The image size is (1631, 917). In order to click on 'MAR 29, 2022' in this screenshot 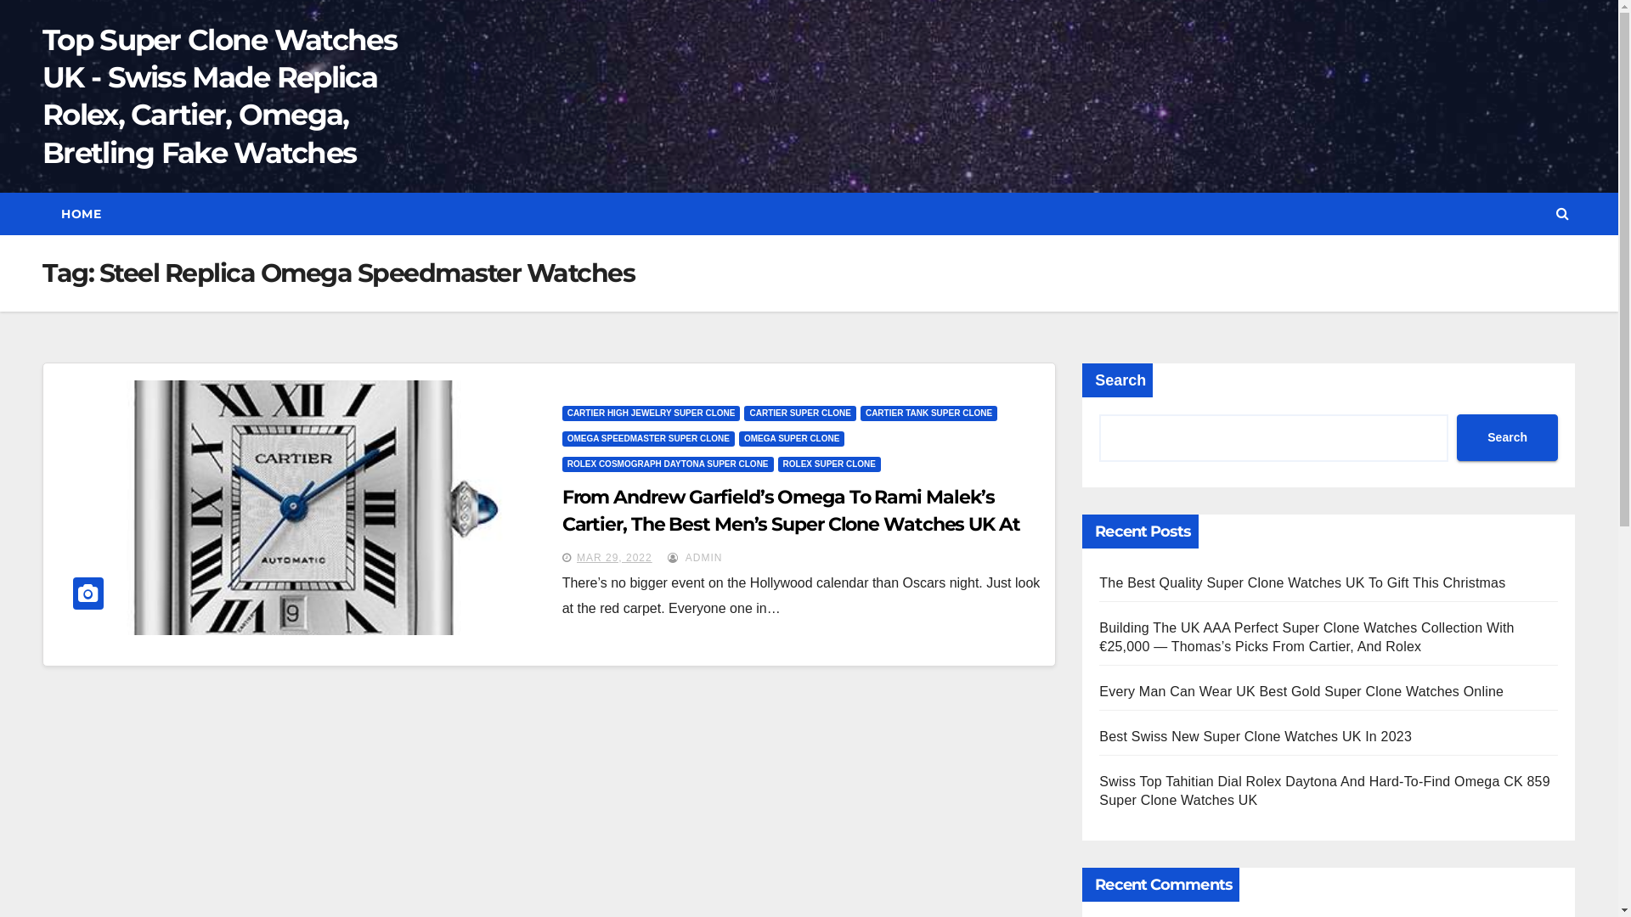, I will do `click(613, 557)`.